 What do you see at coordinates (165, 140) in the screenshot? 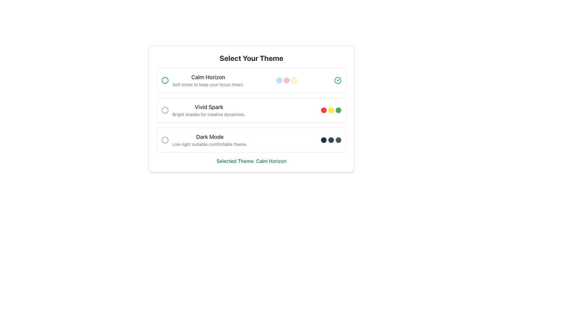
I see `the circular icon that serves as a selection indicator for the 'Dark Mode' theme option` at bounding box center [165, 140].